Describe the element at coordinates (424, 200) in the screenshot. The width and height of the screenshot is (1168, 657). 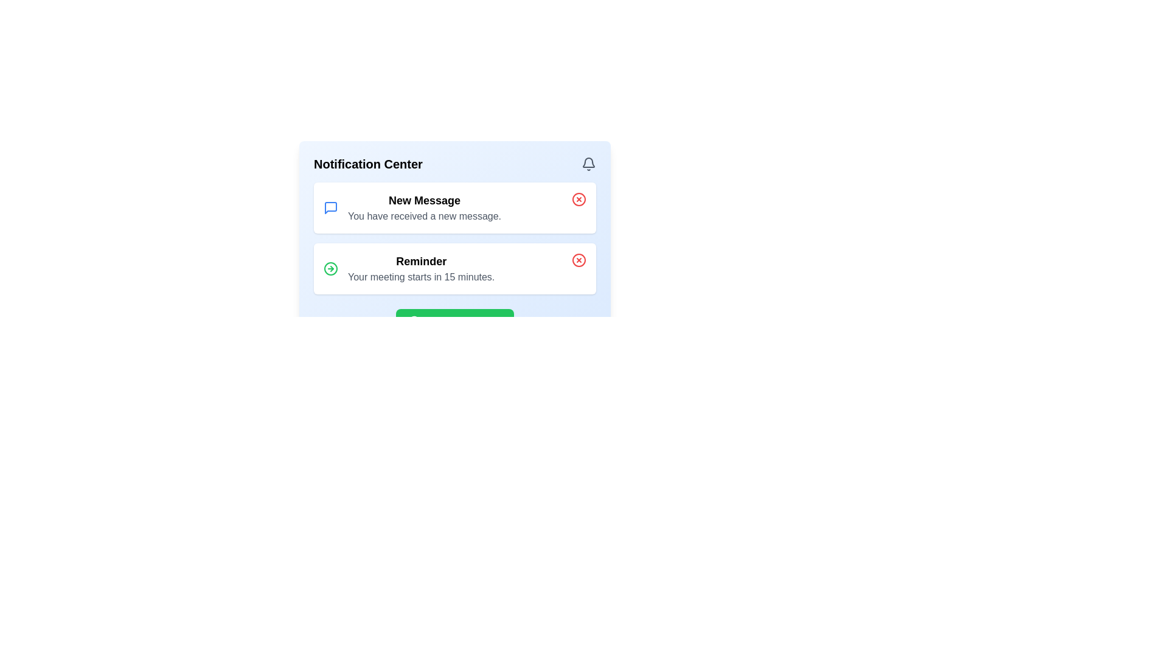
I see `title Text label of the notification located at the top section of the notification list, which summarizes the subject of the message` at that location.